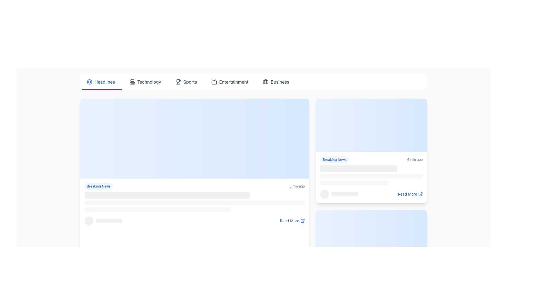 Image resolution: width=534 pixels, height=300 pixels. I want to click on the breaking news card located in the top-right corner of the layout to navigate, so click(371, 151).